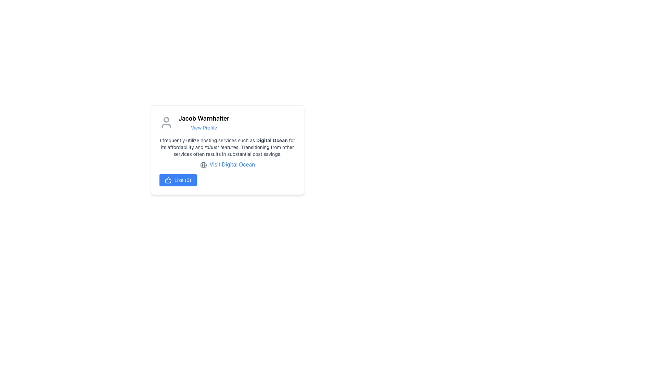 The height and width of the screenshot is (370, 657). I want to click on the decorative profile icon representing 'Jacob Warnhalter' located at the leftmost side of the profile card, so click(166, 122).